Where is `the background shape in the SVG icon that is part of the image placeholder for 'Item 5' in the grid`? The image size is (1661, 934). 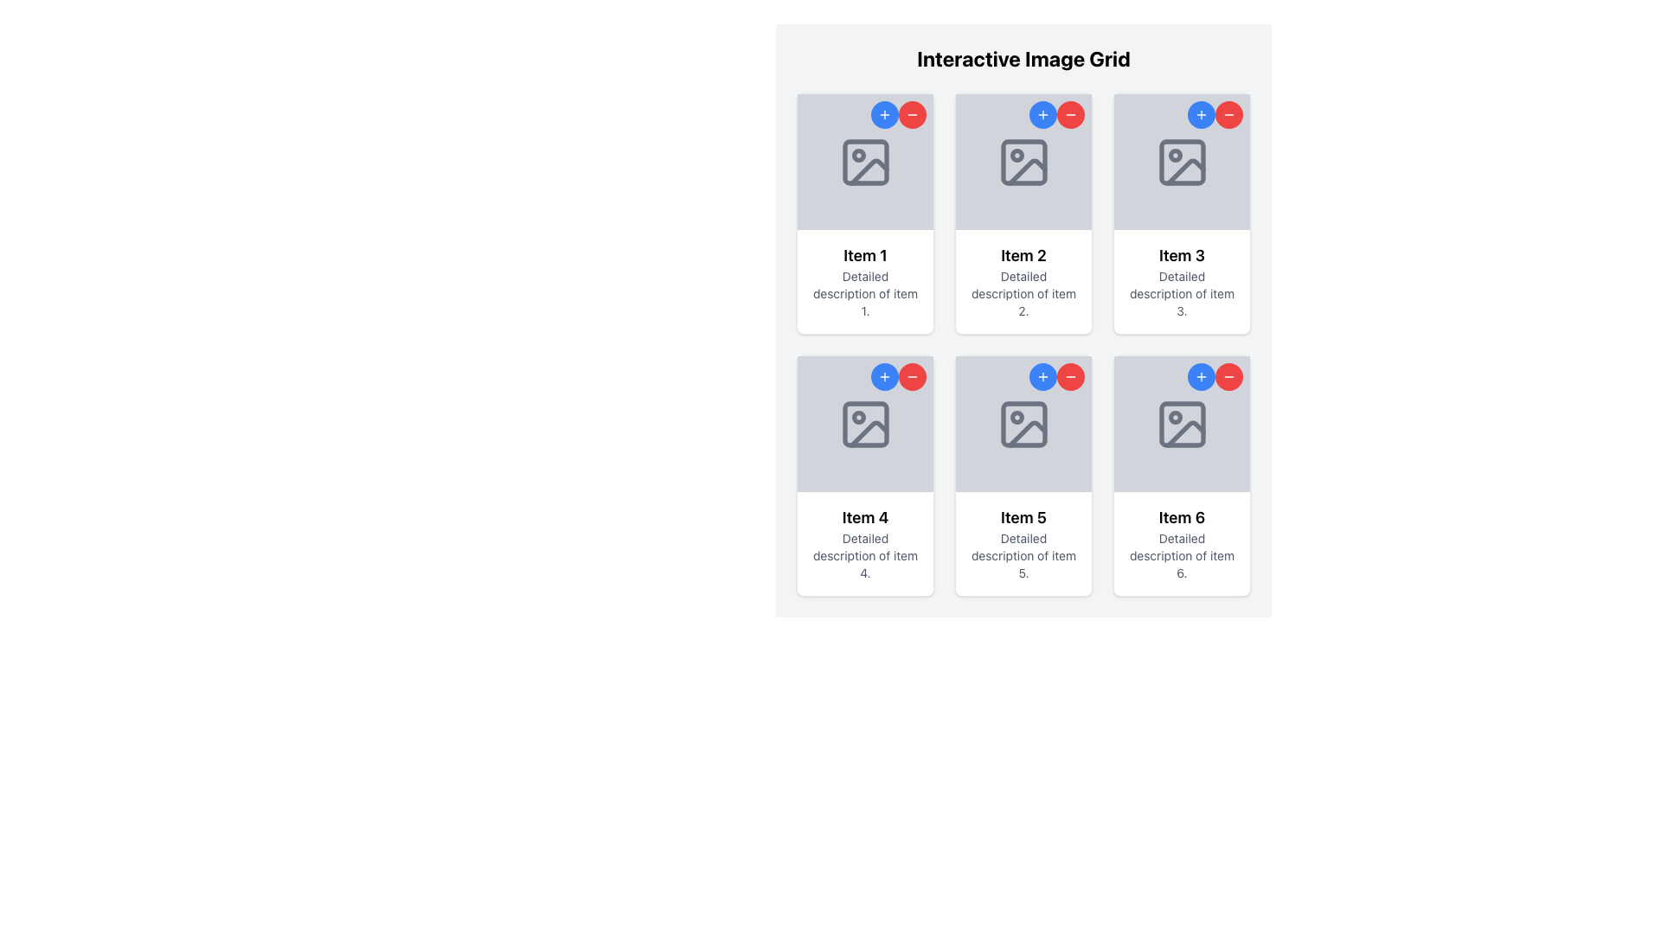 the background shape in the SVG icon that is part of the image placeholder for 'Item 5' in the grid is located at coordinates (1023, 424).